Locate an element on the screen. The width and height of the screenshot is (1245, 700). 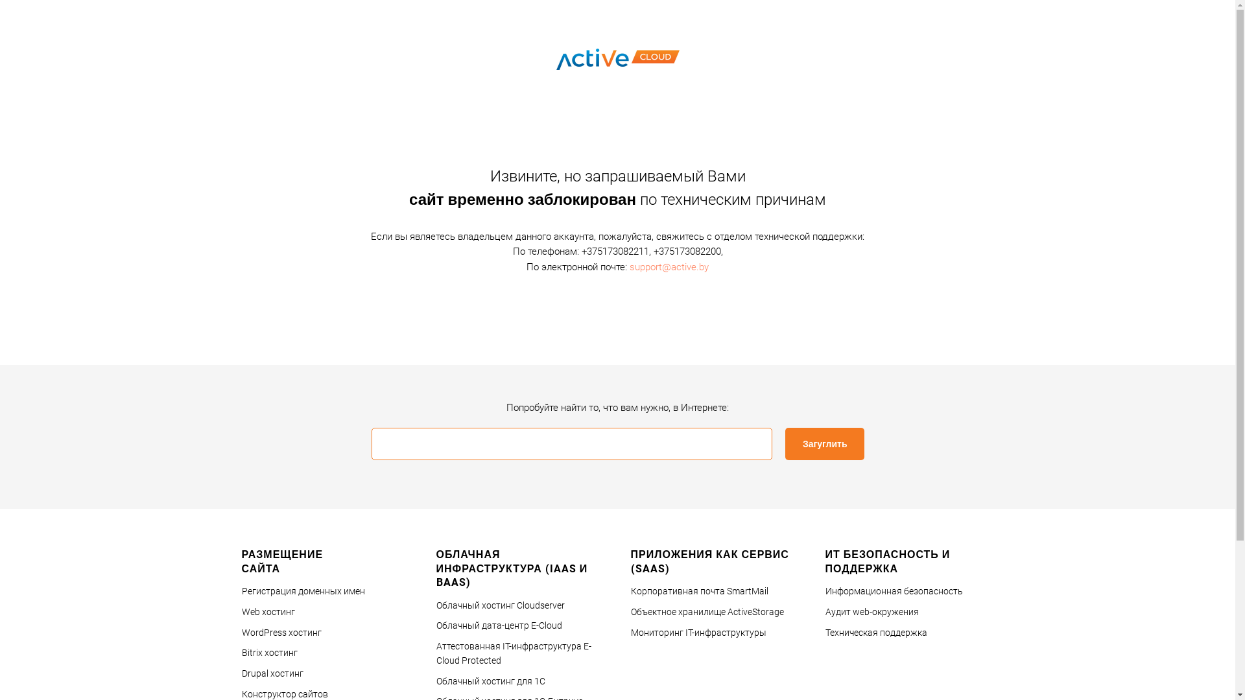
'support@active.by' is located at coordinates (629, 266).